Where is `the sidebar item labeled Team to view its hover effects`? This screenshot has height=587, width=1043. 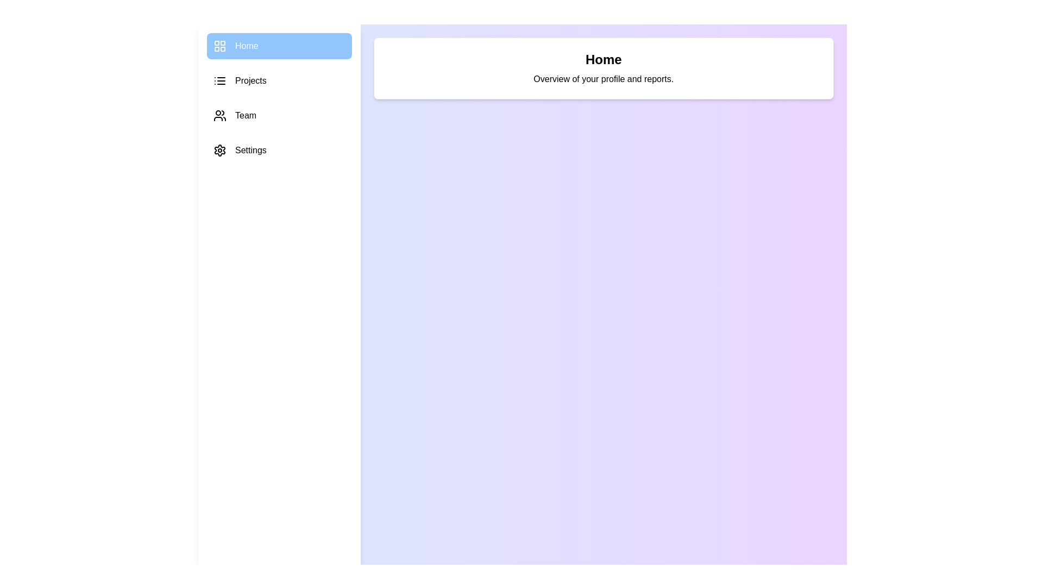
the sidebar item labeled Team to view its hover effects is located at coordinates (279, 115).